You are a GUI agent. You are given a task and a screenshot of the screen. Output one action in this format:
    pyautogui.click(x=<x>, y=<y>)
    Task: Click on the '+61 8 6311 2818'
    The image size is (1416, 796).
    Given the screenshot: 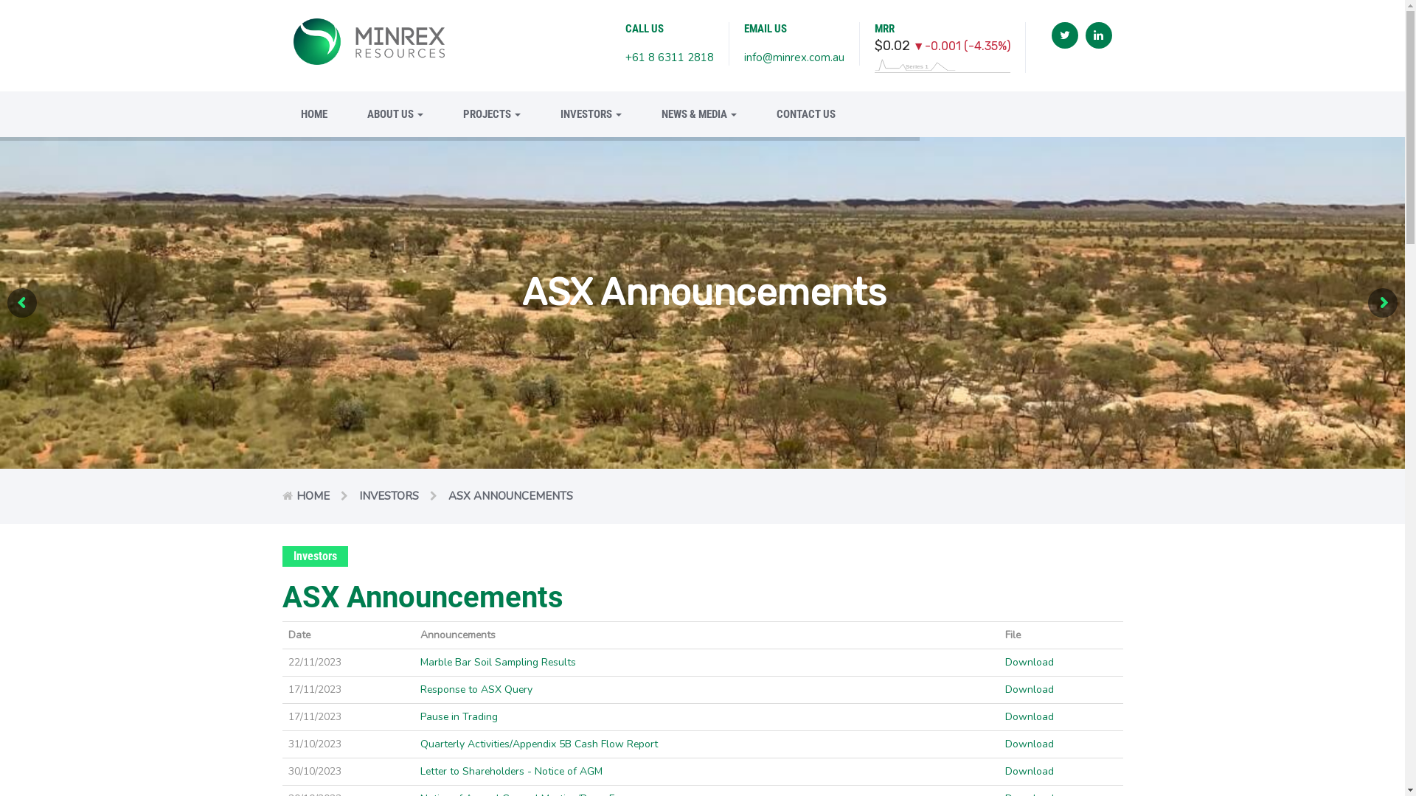 What is the action you would take?
    pyautogui.click(x=668, y=56)
    